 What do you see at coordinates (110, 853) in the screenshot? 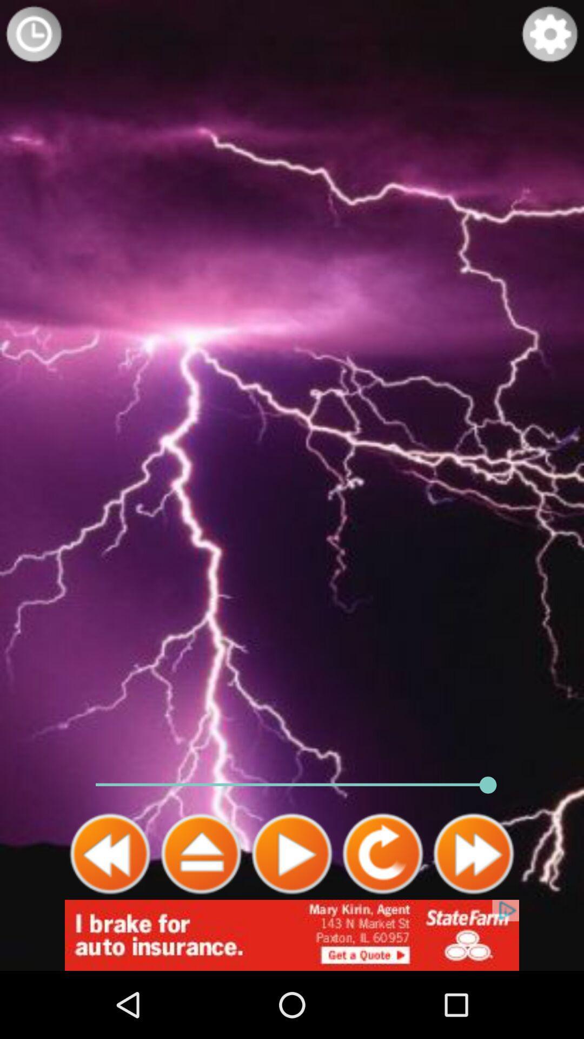
I see `the backward button` at bounding box center [110, 853].